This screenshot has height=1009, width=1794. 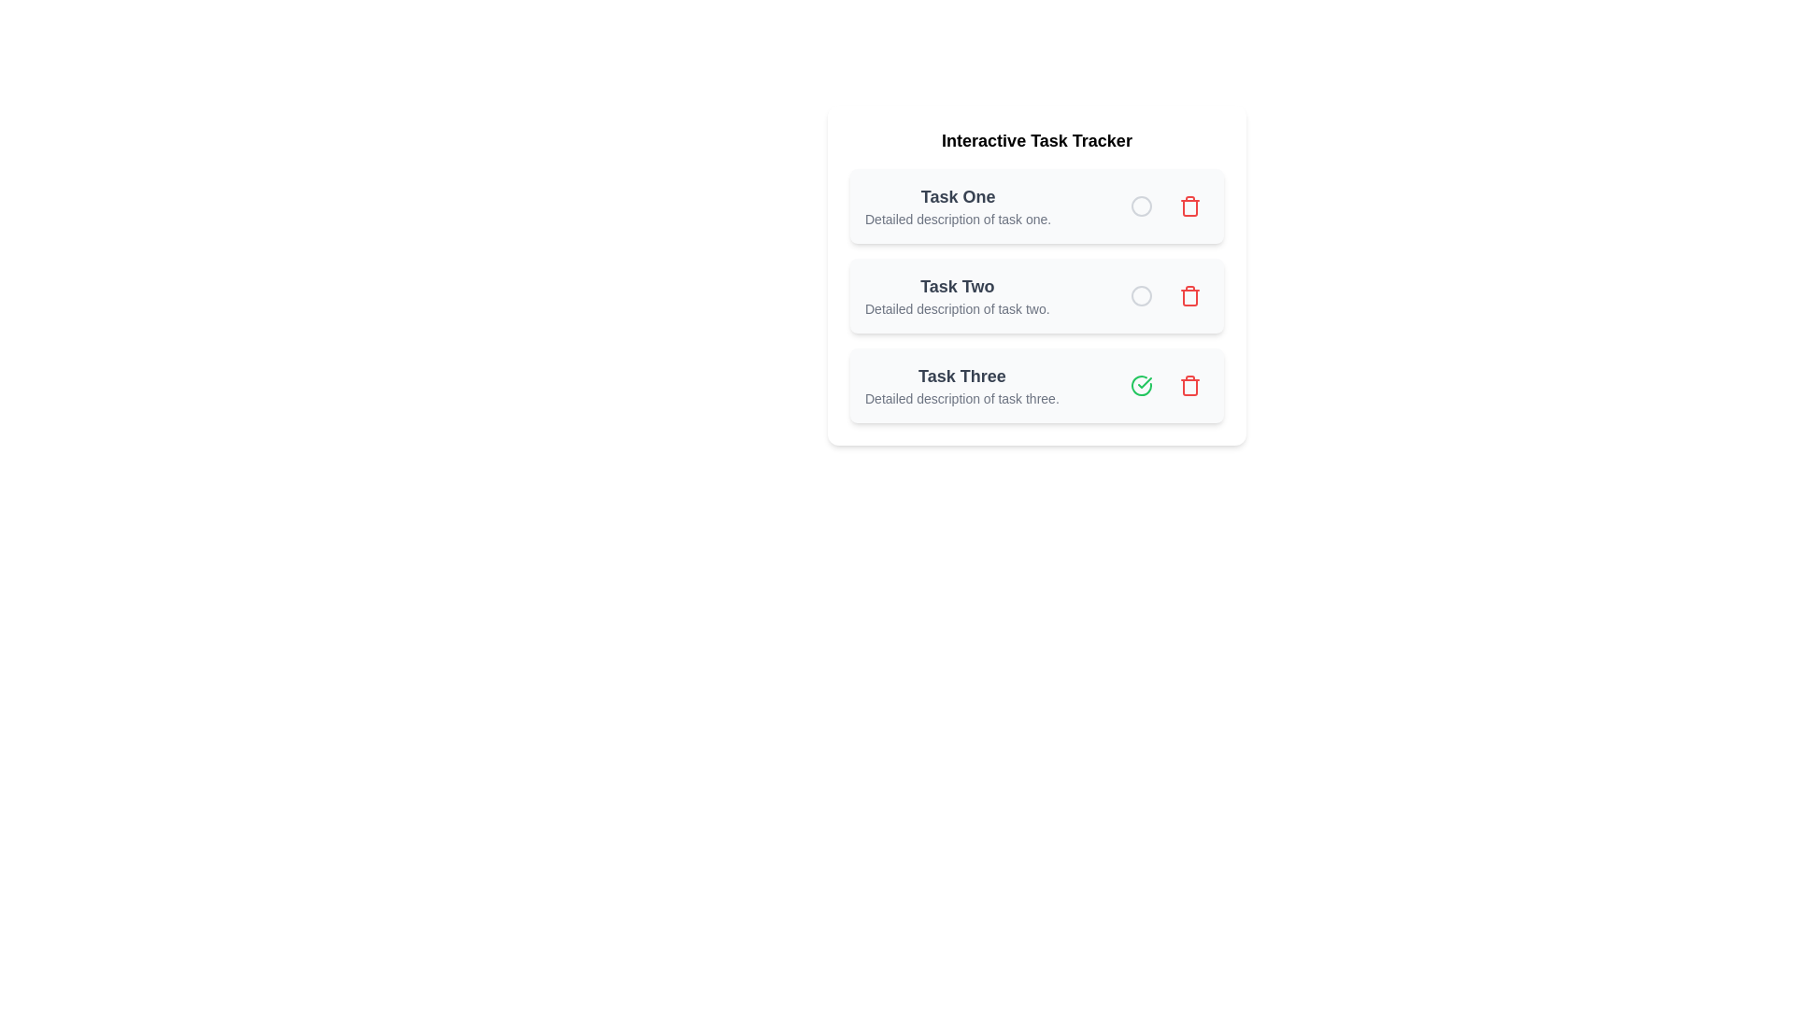 I want to click on the delete button for task Task One, so click(x=1189, y=206).